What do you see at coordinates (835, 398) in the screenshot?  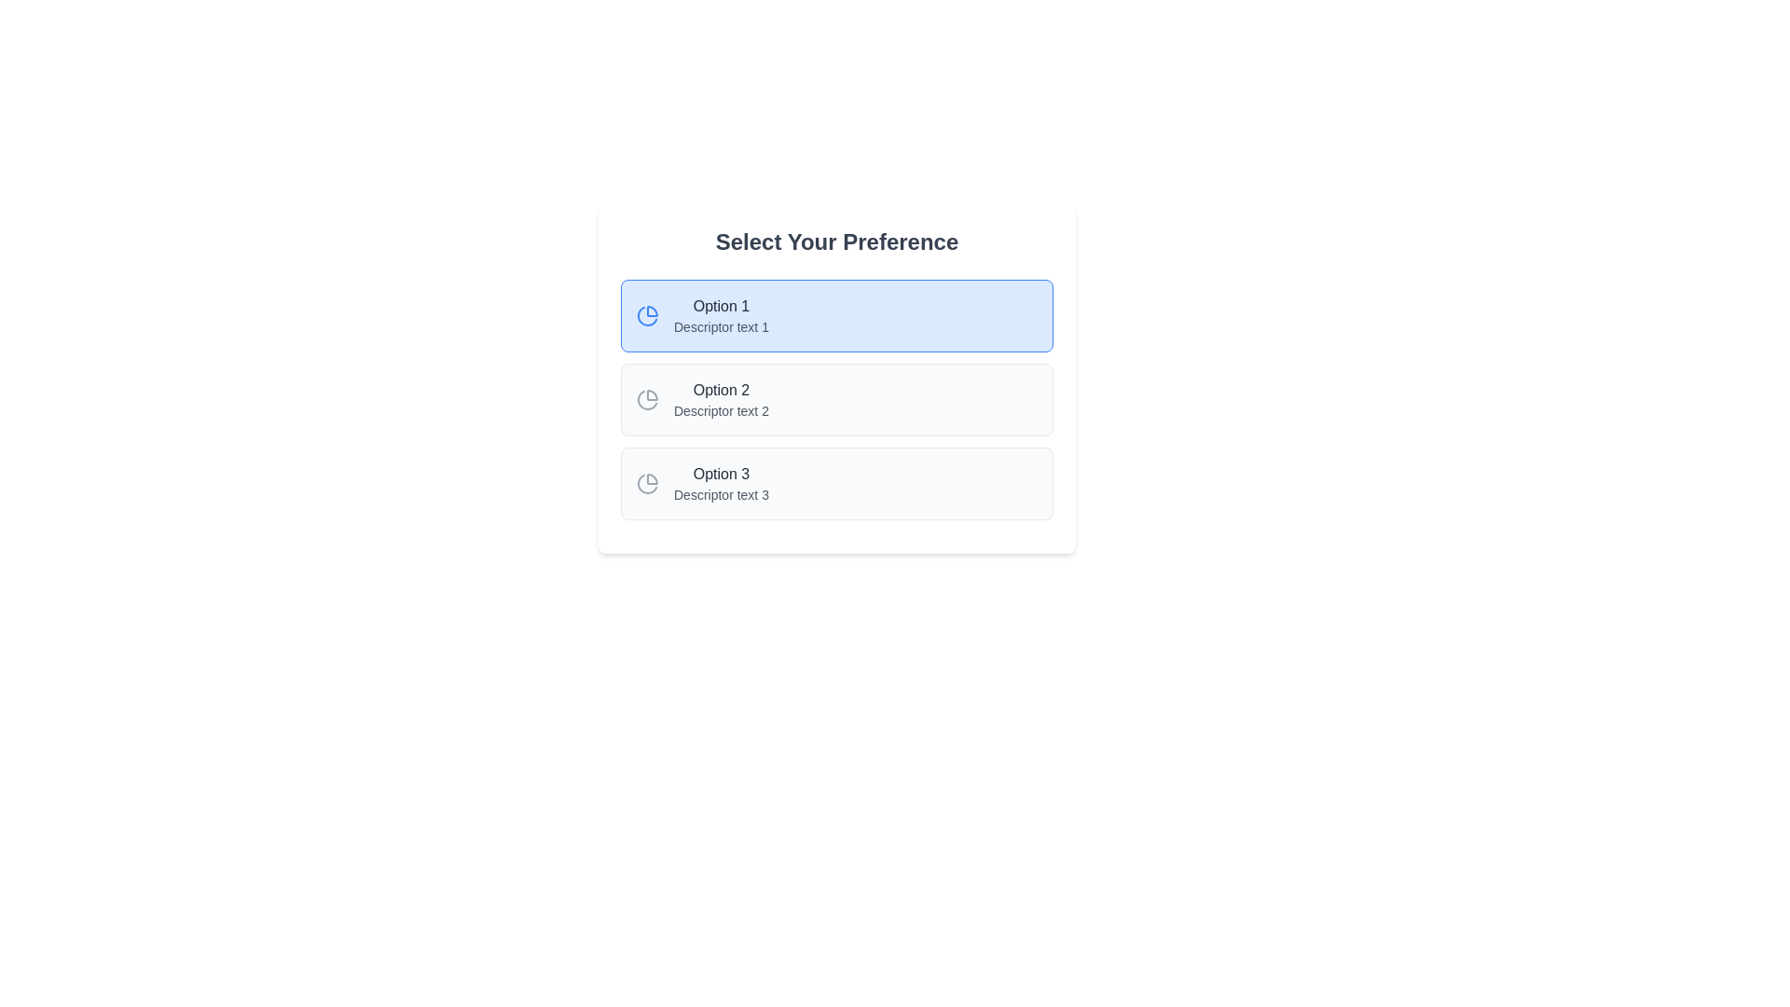 I see `the 'Option 2' radio button` at bounding box center [835, 398].